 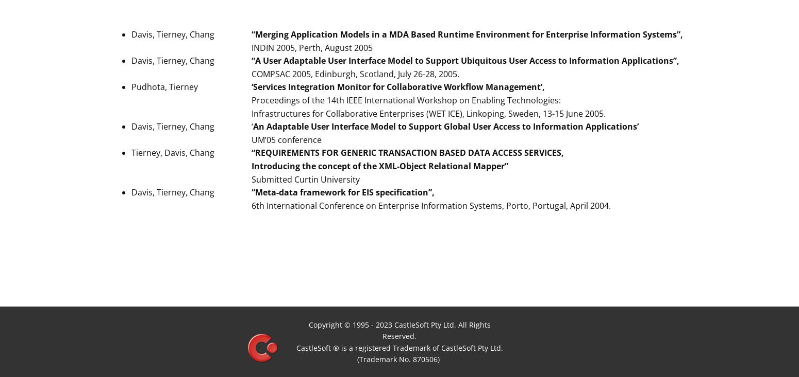 I want to click on 'CastleSoft ® is a registered Trademark of CastleSoft Pty Ltd.', so click(x=399, y=347).